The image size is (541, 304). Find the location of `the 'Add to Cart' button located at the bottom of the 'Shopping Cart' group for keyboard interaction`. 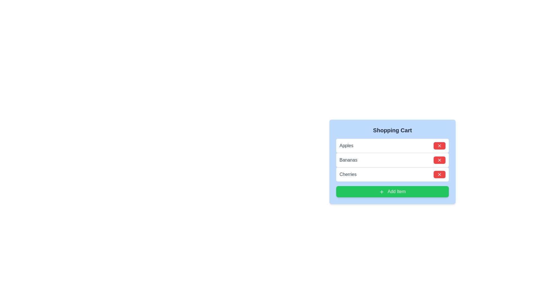

the 'Add to Cart' button located at the bottom of the 'Shopping Cart' group for keyboard interaction is located at coordinates (392, 191).